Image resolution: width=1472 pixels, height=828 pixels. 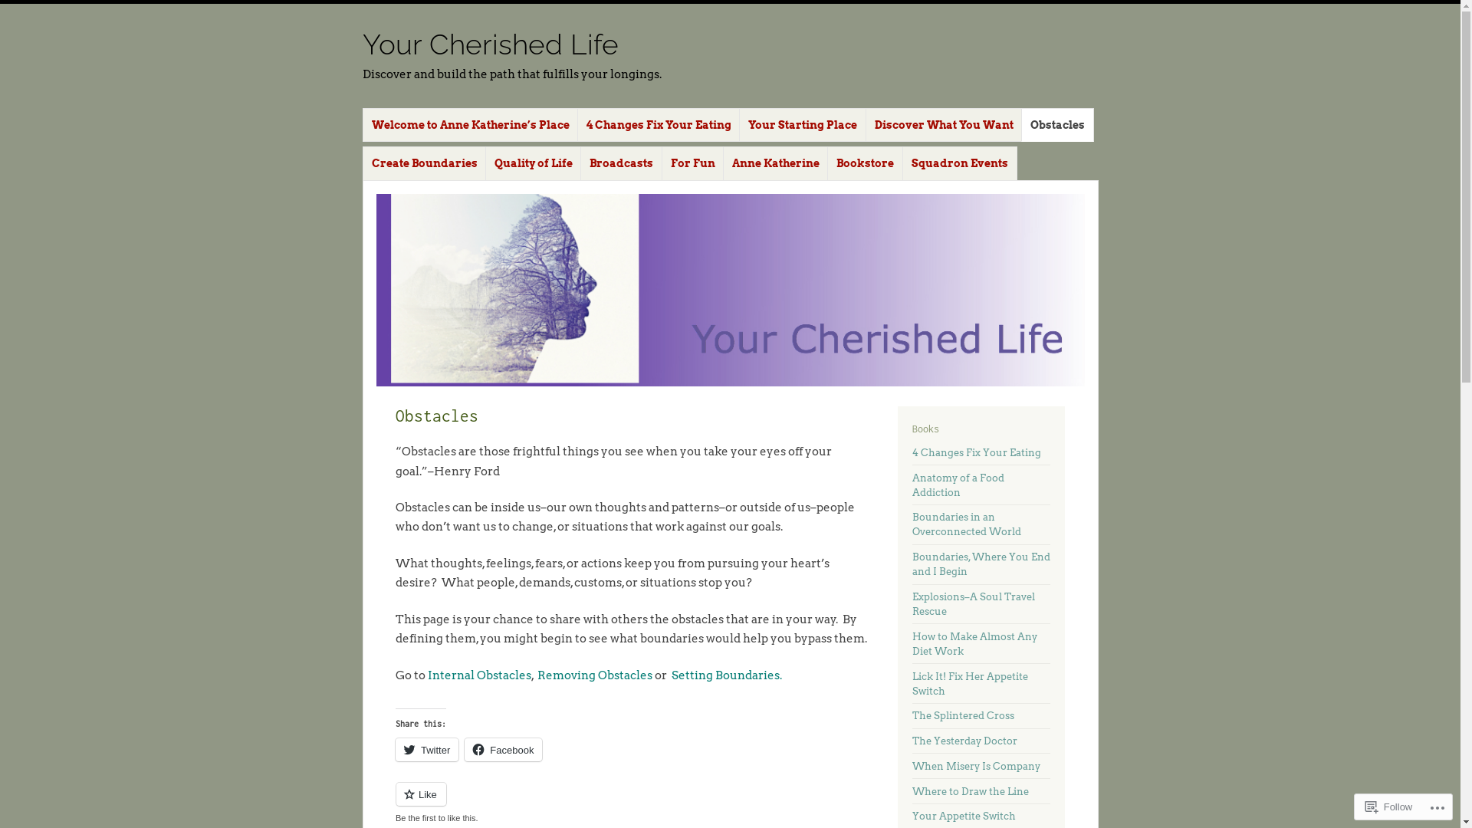 I want to click on 'Squadron Events', so click(x=959, y=163).